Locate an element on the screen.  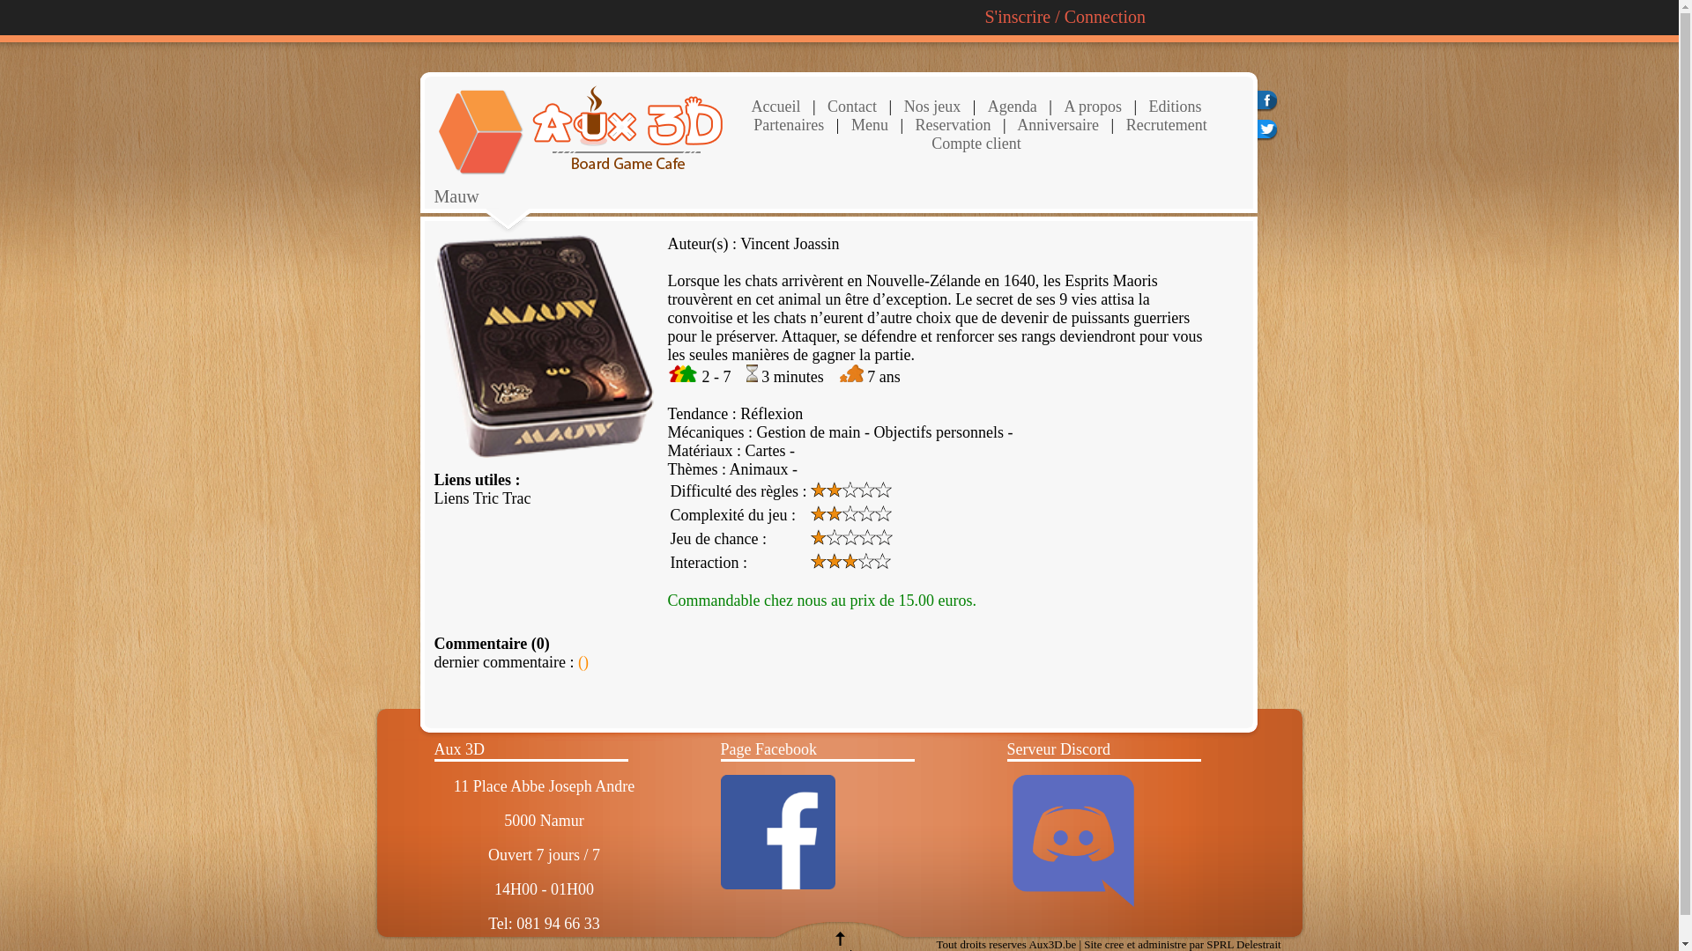
'S'inscrire / Connection' is located at coordinates (1065, 17).